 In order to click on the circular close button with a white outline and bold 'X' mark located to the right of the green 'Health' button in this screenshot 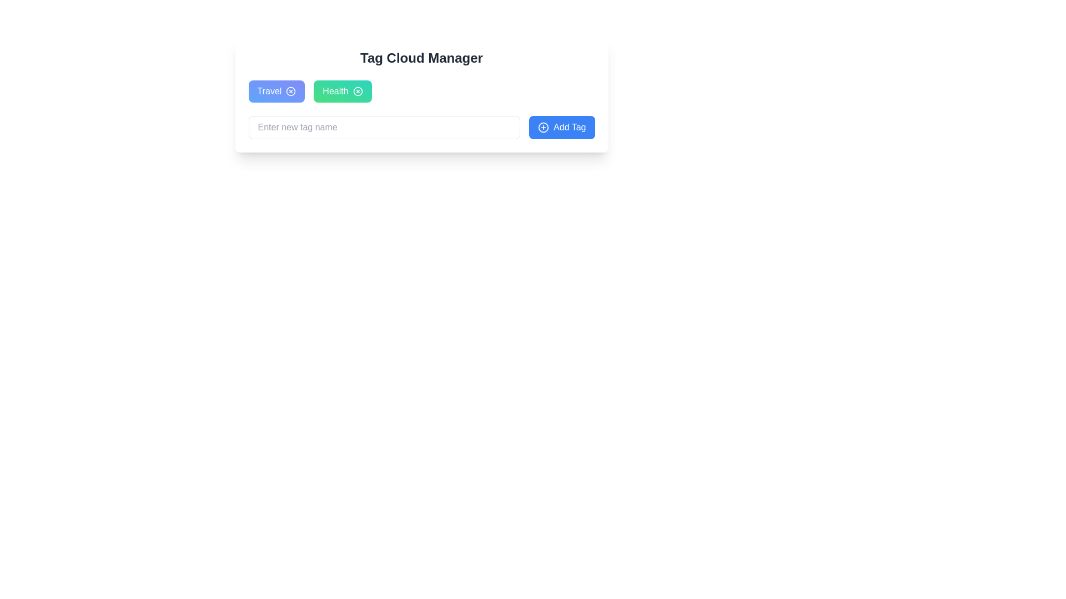, I will do `click(358, 91)`.